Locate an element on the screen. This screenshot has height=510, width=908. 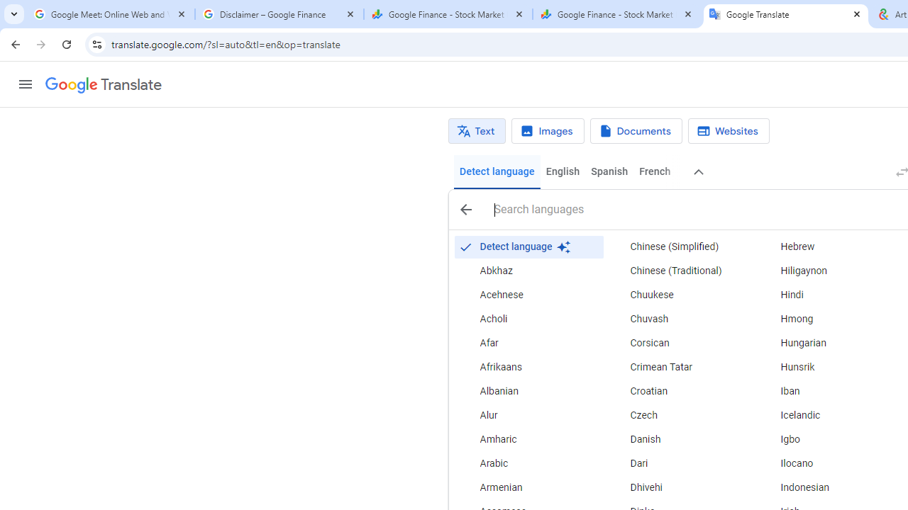
'Icelandic' is located at coordinates (829, 415).